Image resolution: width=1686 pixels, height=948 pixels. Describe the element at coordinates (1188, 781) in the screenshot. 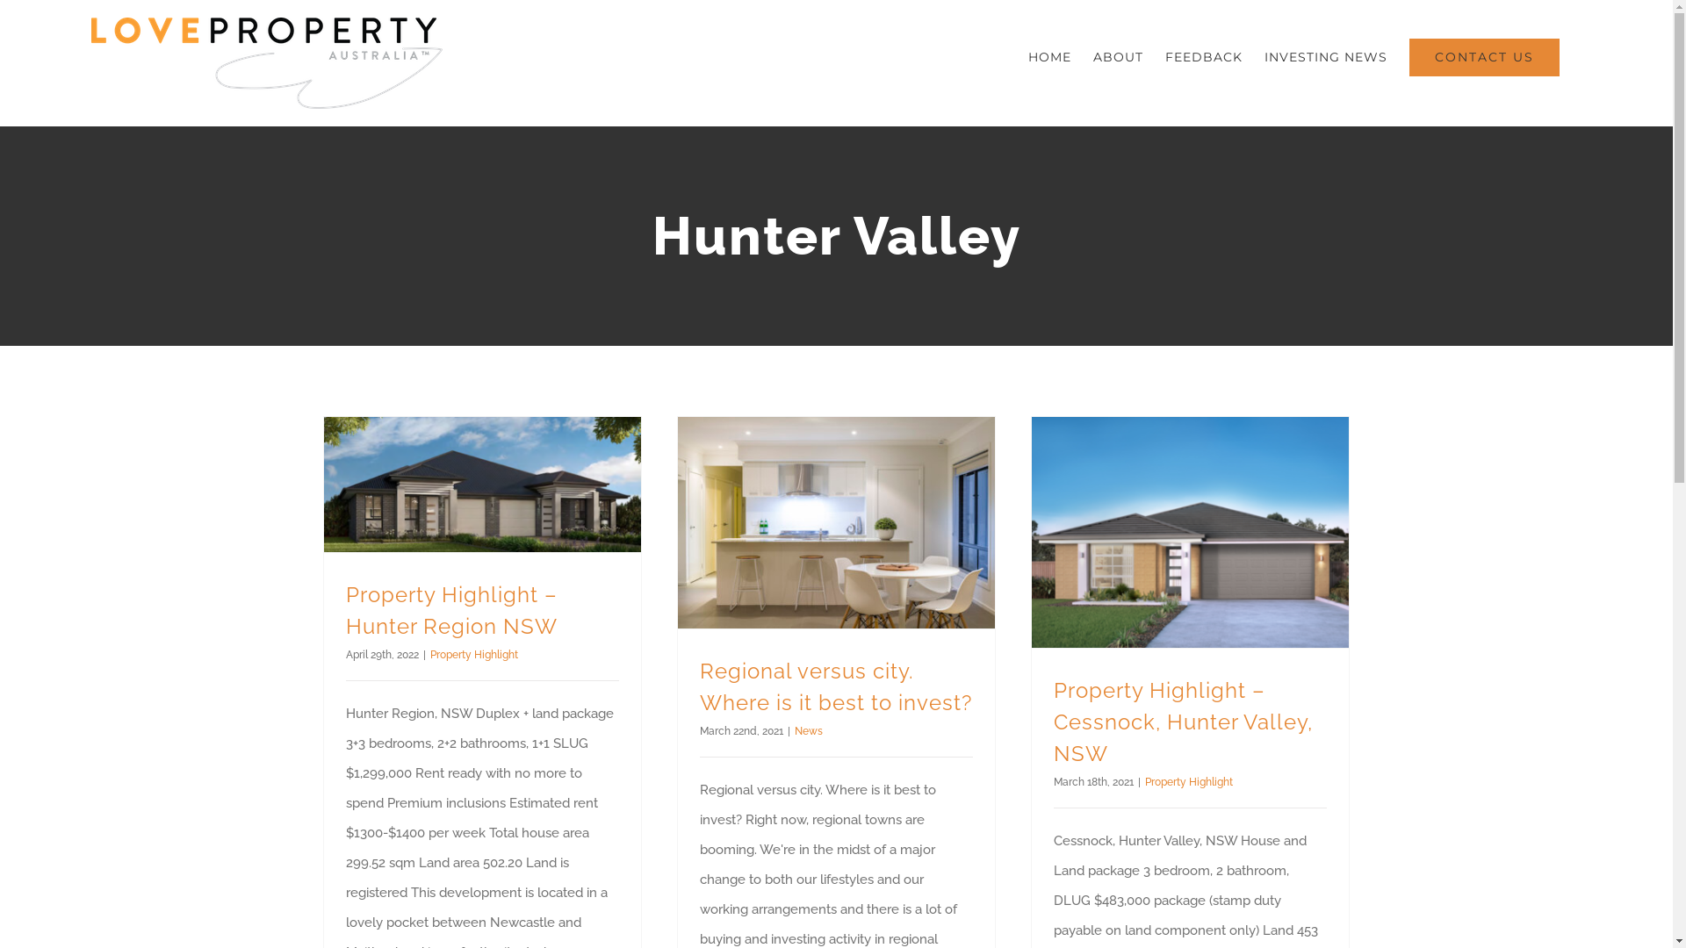

I see `'Property Highlight'` at that location.